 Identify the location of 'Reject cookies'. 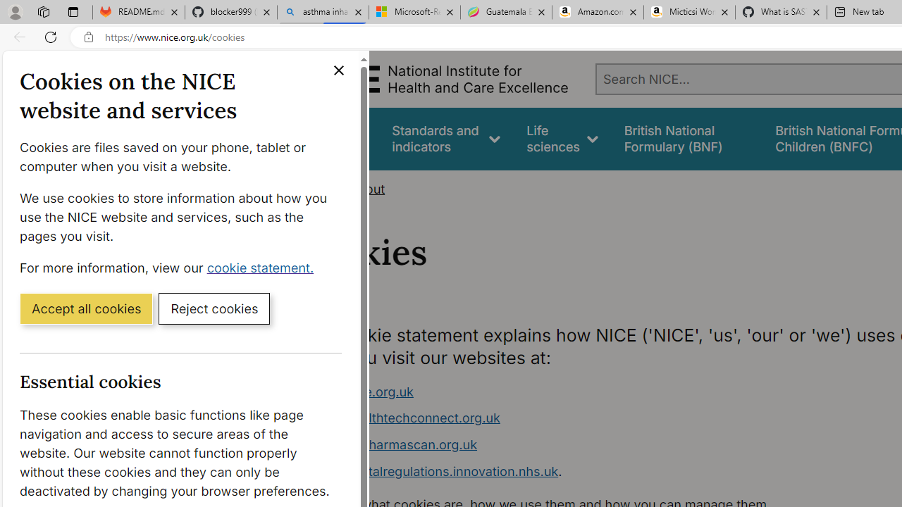
(214, 307).